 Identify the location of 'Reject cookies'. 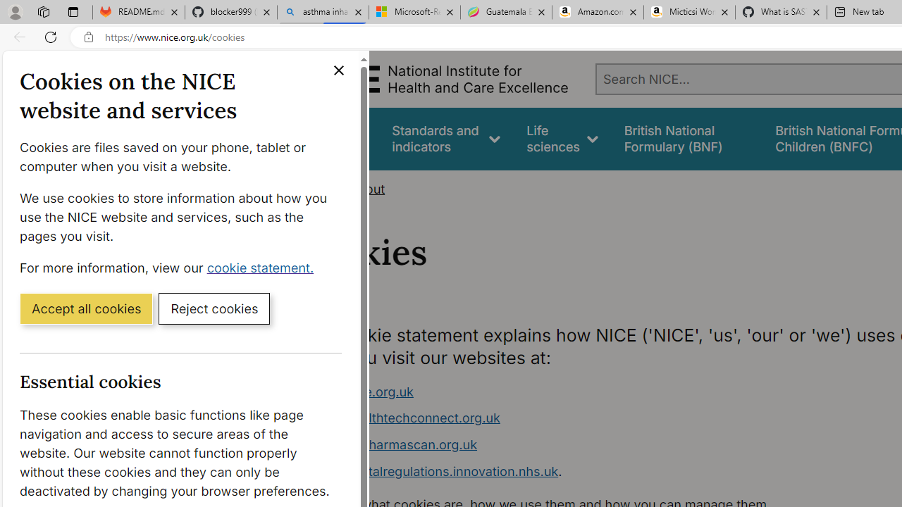
(214, 307).